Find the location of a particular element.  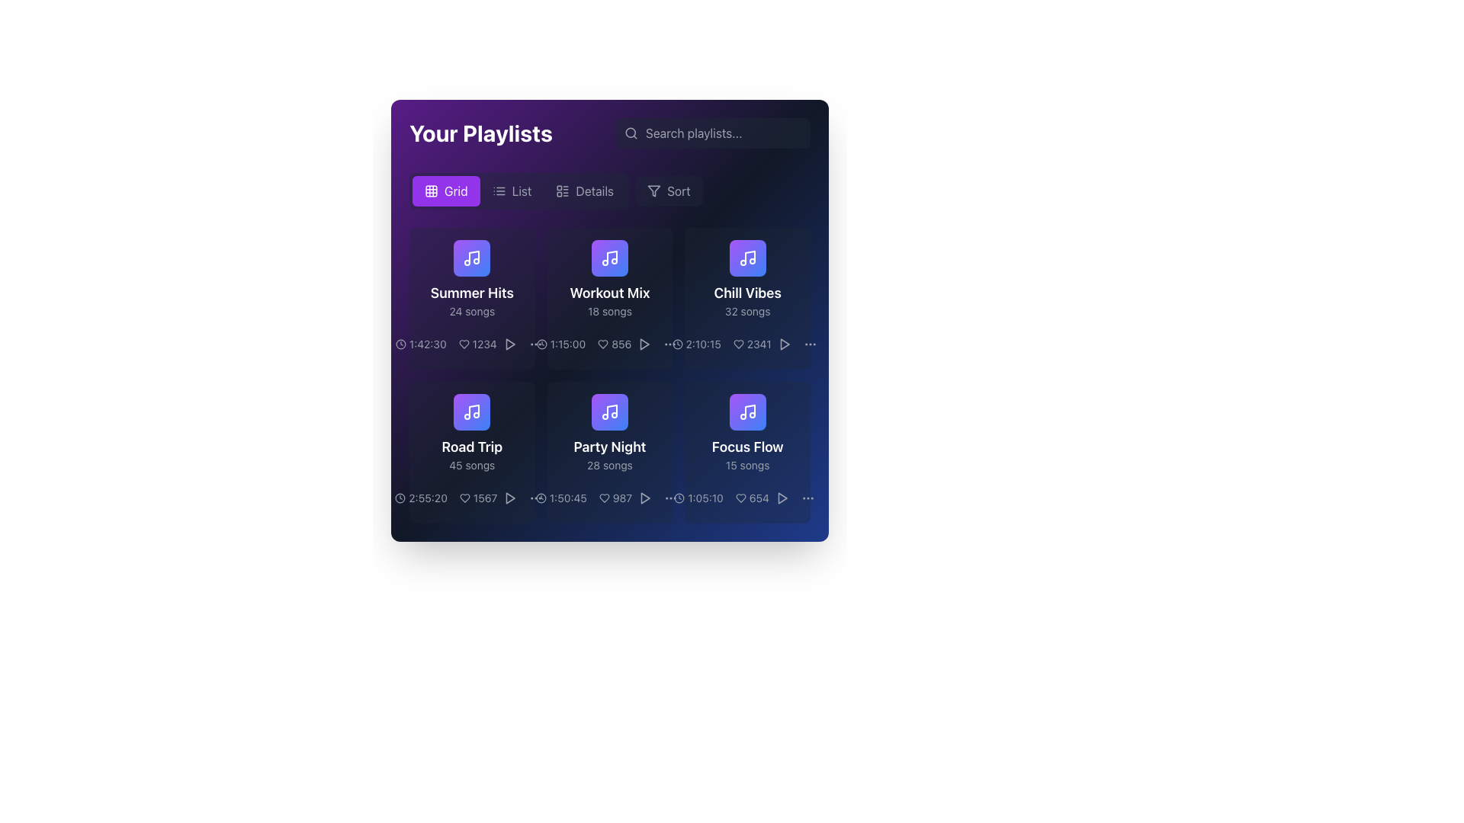

the 'Road Trip' playlist icon located in the center-top section of the playlist card is located at coordinates (471, 411).